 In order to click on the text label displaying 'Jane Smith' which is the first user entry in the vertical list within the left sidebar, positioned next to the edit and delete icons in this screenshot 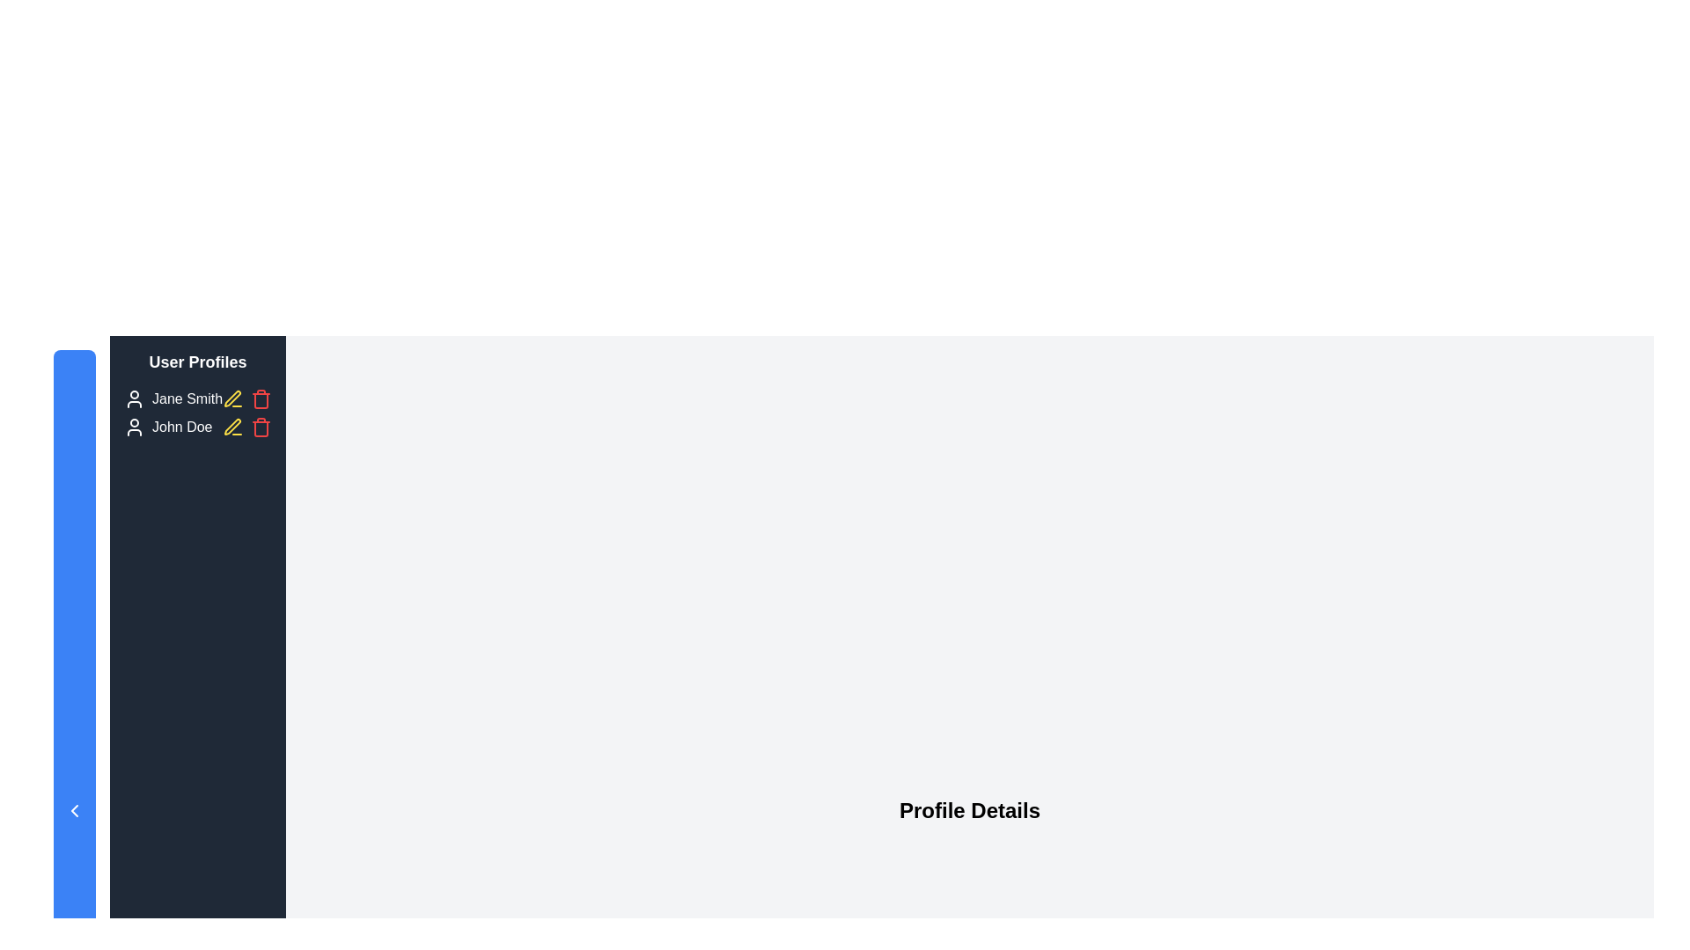, I will do `click(187, 399)`.